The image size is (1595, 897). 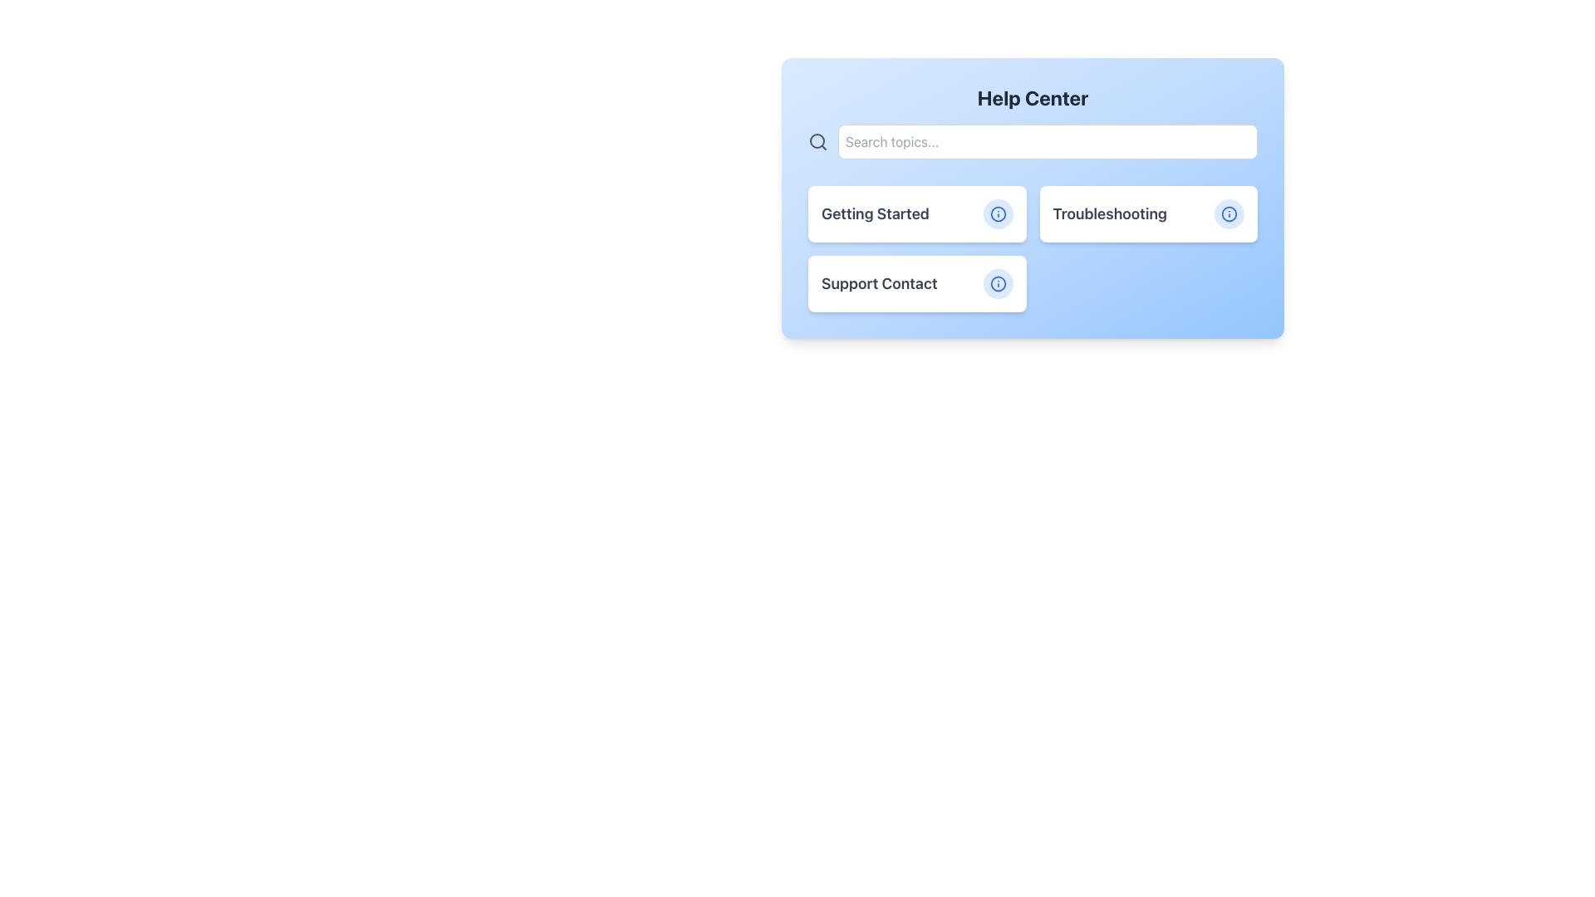 I want to click on the circular part of the magnifying glass icon located to the left of the search bar in the top-center section of the interface, so click(x=817, y=140).